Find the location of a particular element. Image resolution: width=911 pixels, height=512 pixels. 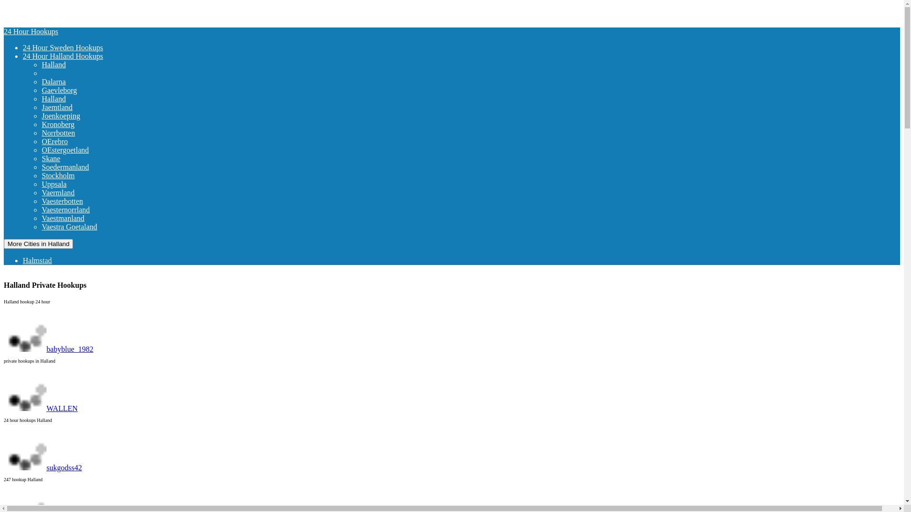

'24 Hour Halland Hookups' is located at coordinates (62, 56).